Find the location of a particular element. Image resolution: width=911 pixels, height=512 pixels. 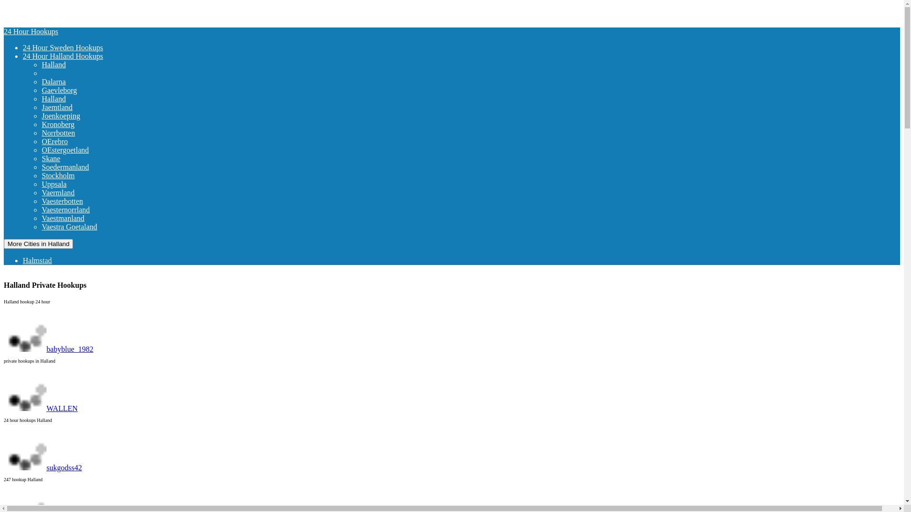

'24 Hour Halland Hookups' is located at coordinates (62, 56).